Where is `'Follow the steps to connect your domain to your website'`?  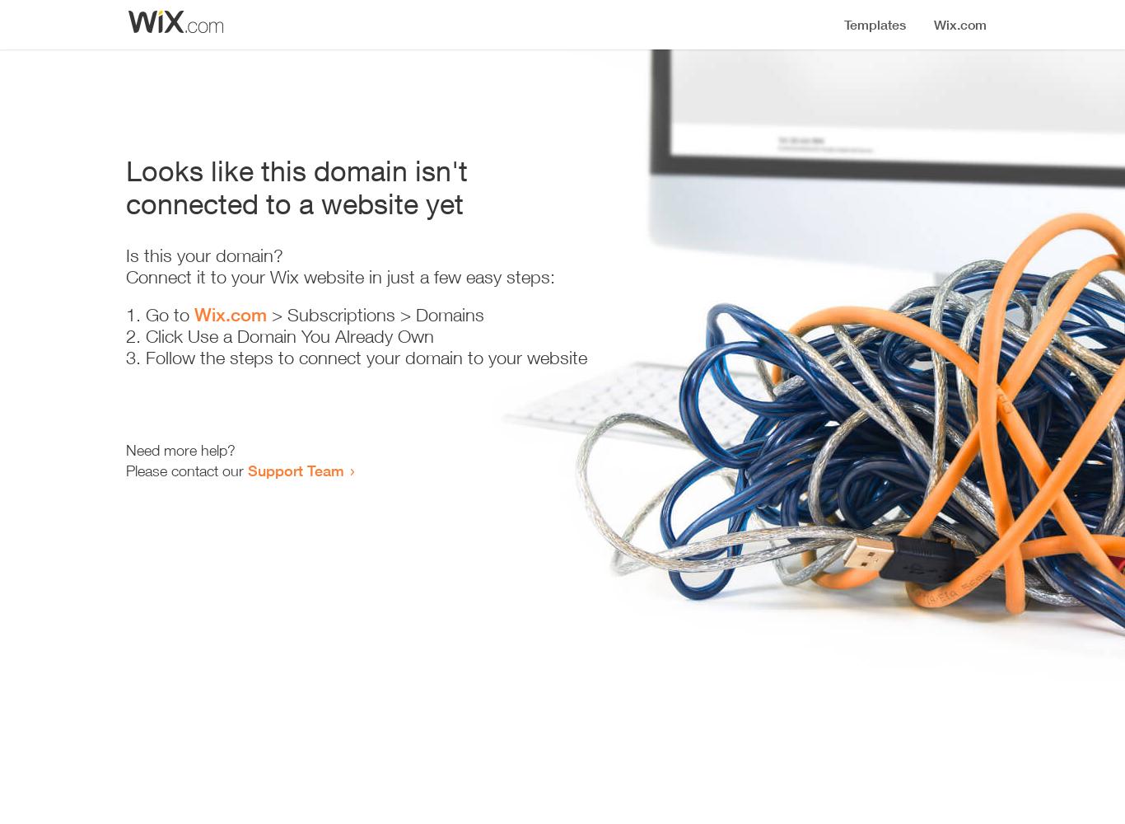 'Follow the steps to connect your domain to your website' is located at coordinates (366, 358).